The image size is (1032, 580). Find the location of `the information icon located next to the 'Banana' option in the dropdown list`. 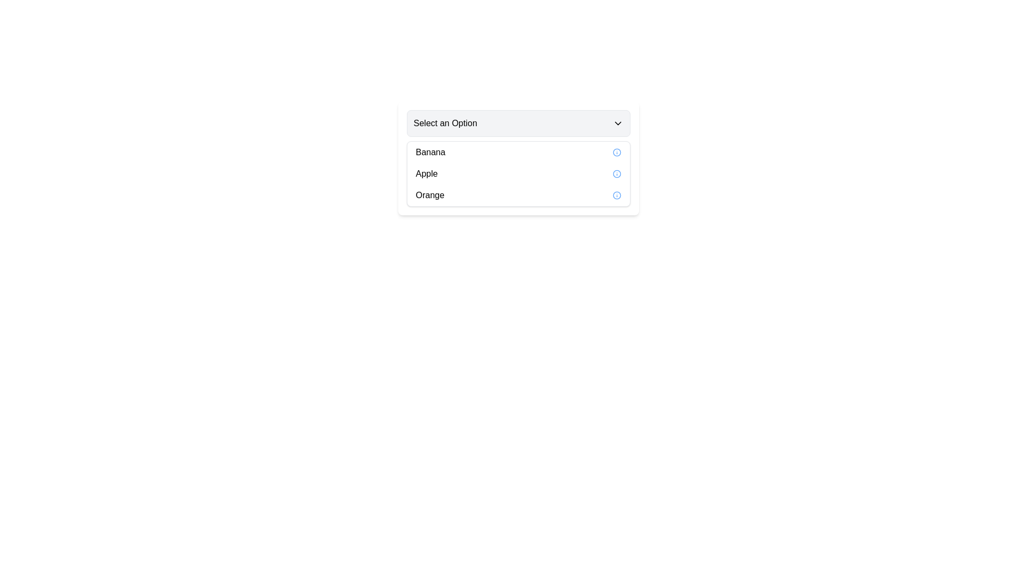

the information icon located next to the 'Banana' option in the dropdown list is located at coordinates (617, 153).